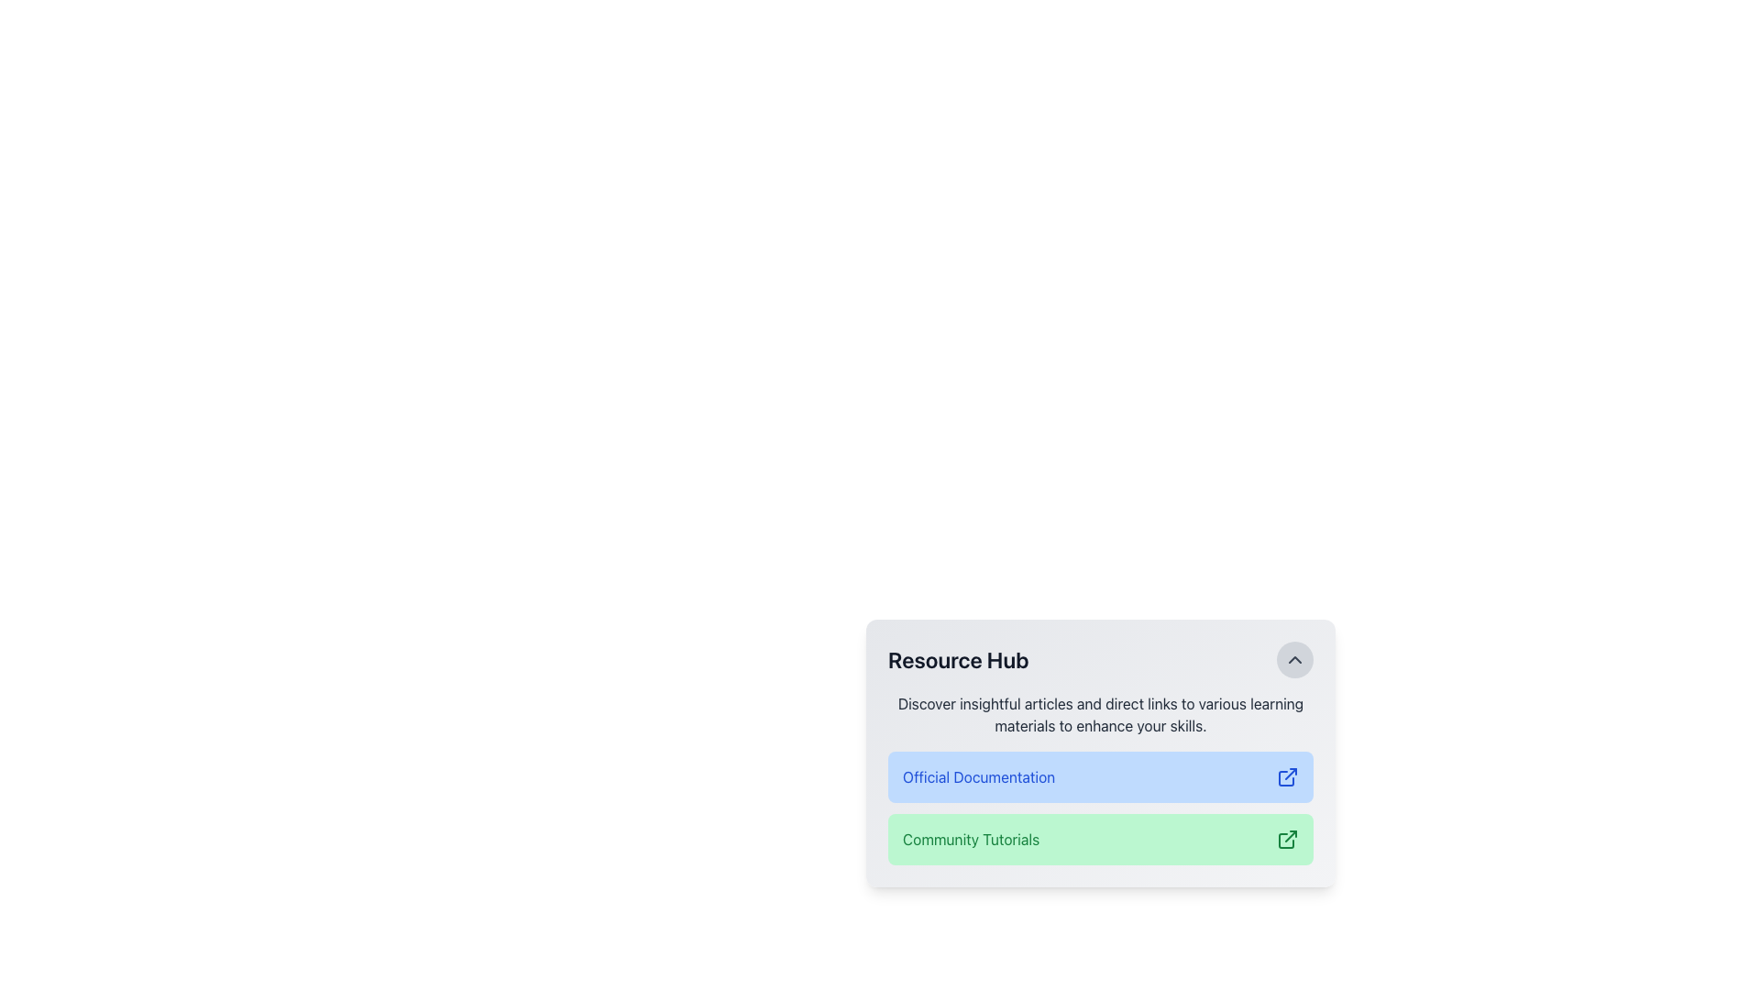 The image size is (1760, 990). Describe the element at coordinates (1100, 753) in the screenshot. I see `the buttons in the documentation and tutorials section` at that location.